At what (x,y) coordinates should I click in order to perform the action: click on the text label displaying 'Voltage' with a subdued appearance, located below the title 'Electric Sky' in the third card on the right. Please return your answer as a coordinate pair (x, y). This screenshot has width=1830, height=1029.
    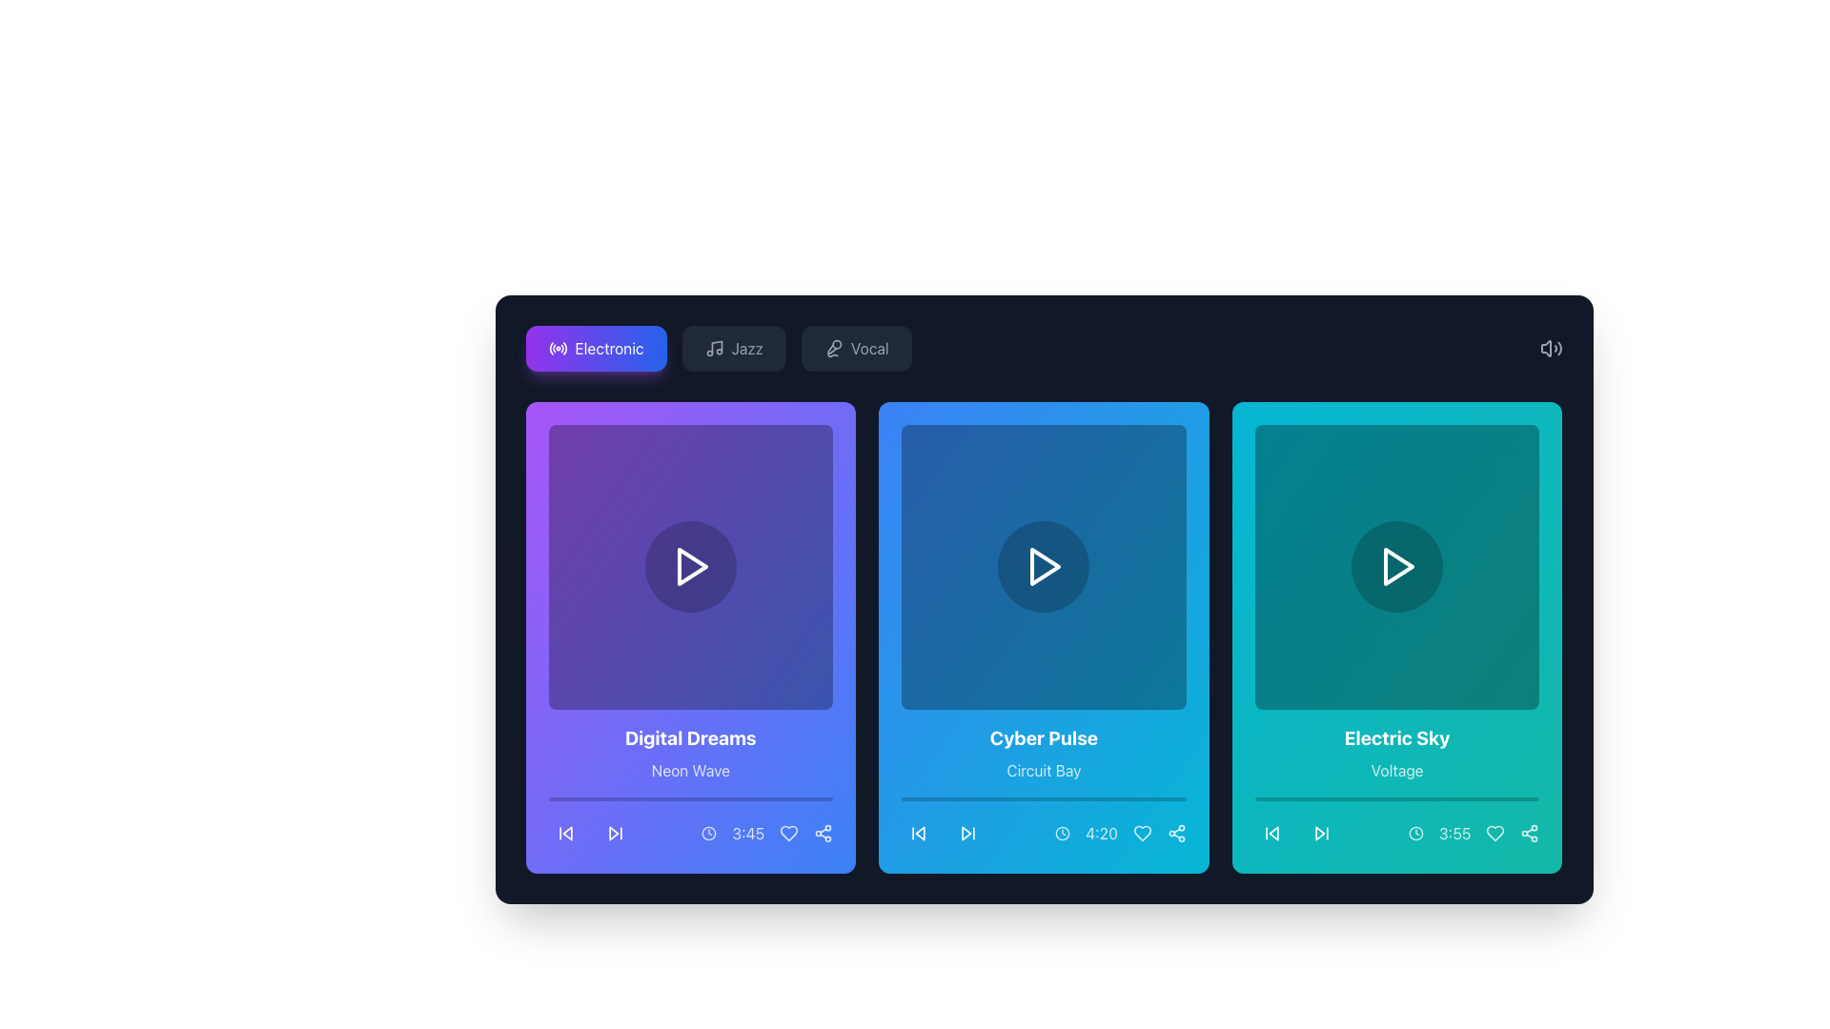
    Looking at the image, I should click on (1397, 769).